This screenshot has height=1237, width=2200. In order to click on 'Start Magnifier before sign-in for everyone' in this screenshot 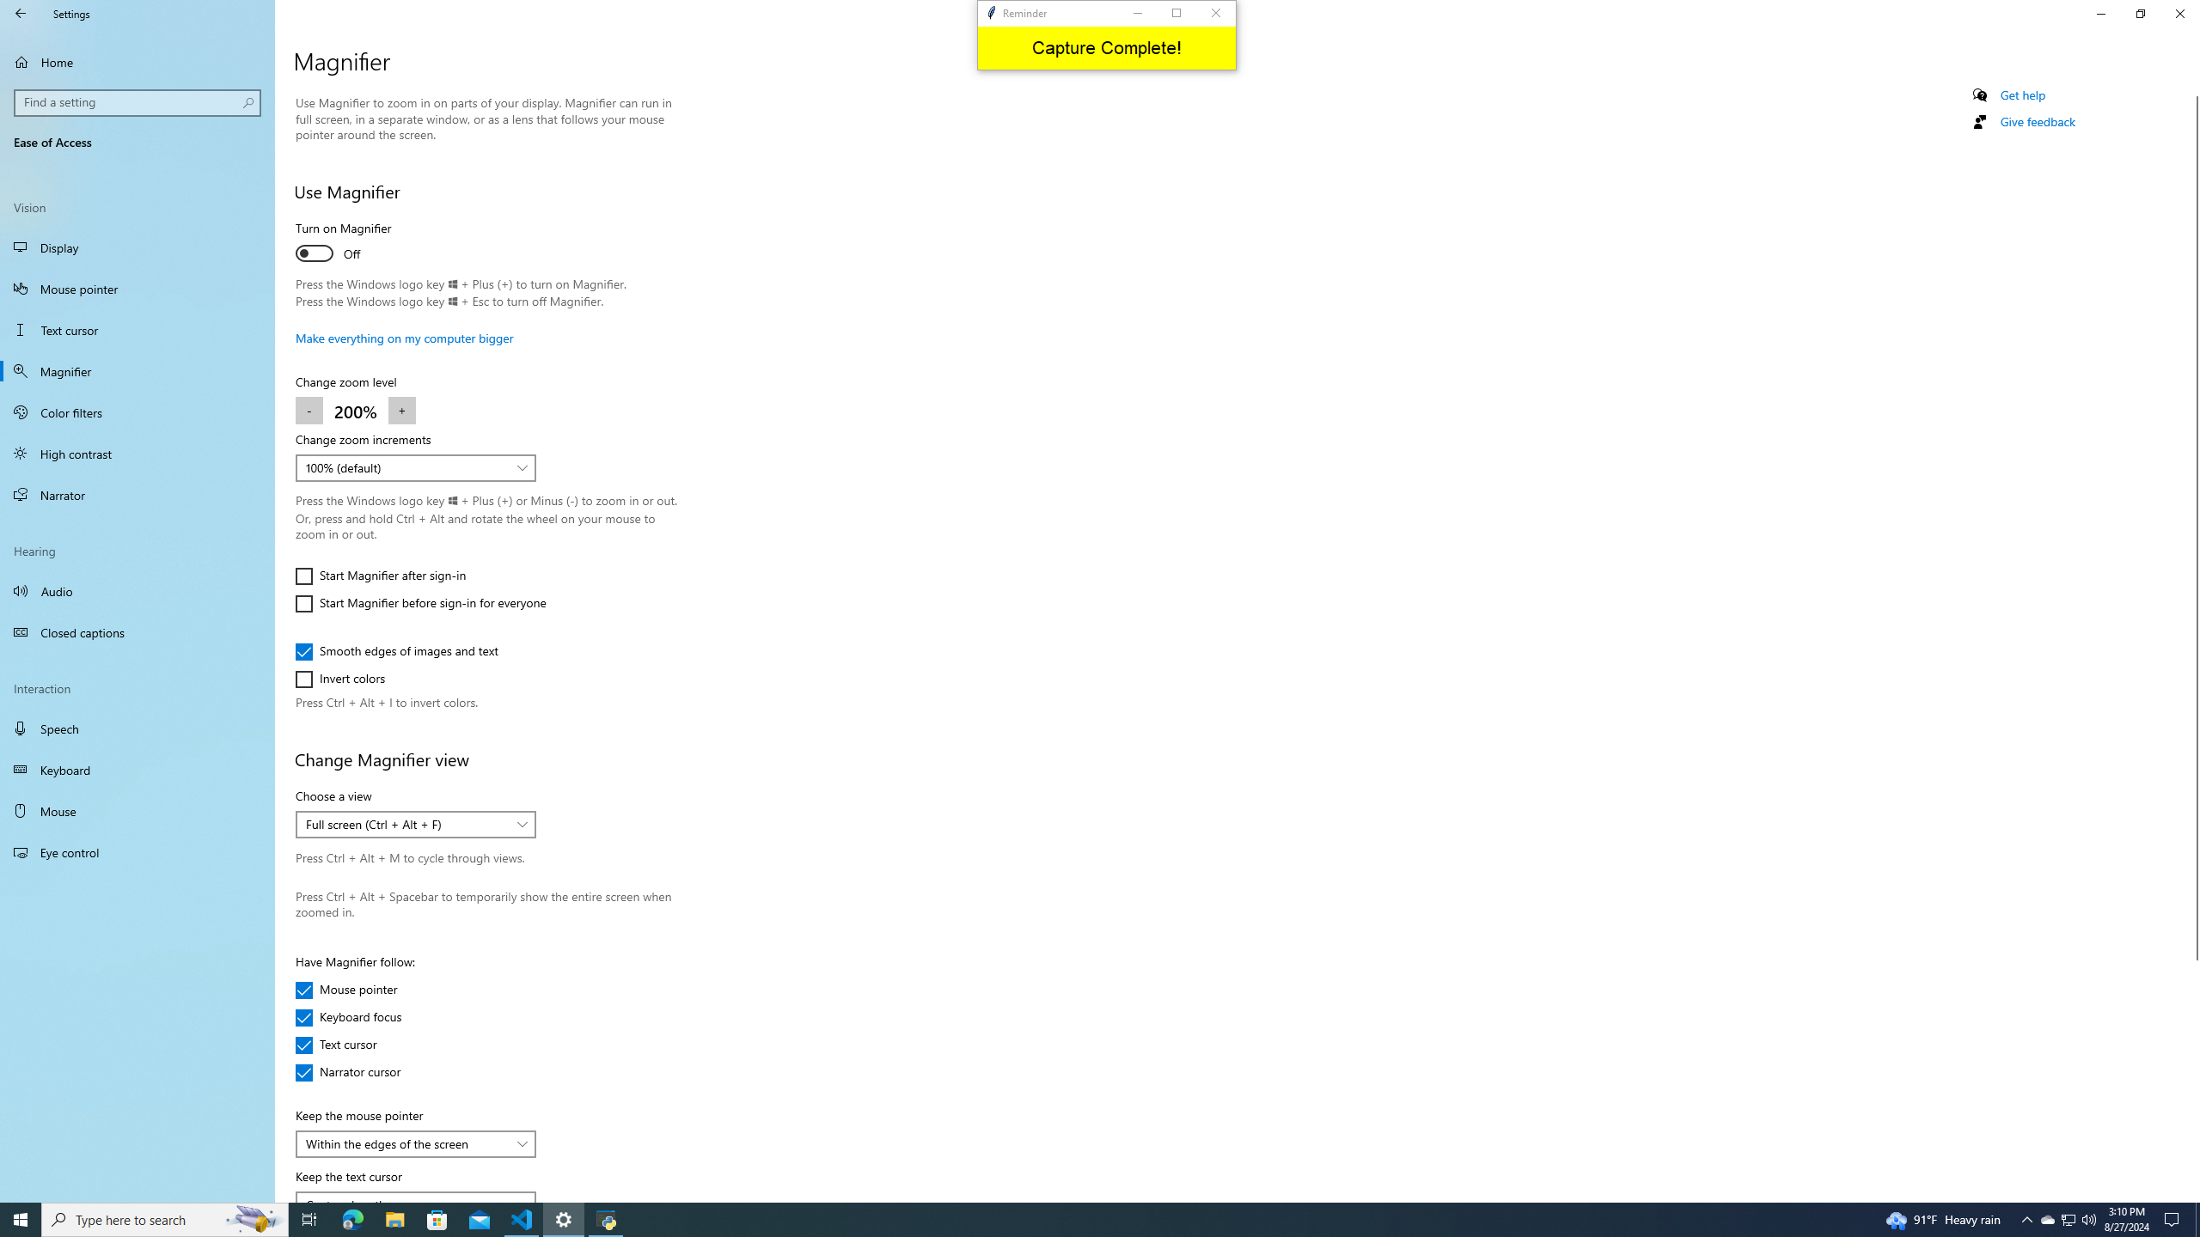, I will do `click(419, 602)`.